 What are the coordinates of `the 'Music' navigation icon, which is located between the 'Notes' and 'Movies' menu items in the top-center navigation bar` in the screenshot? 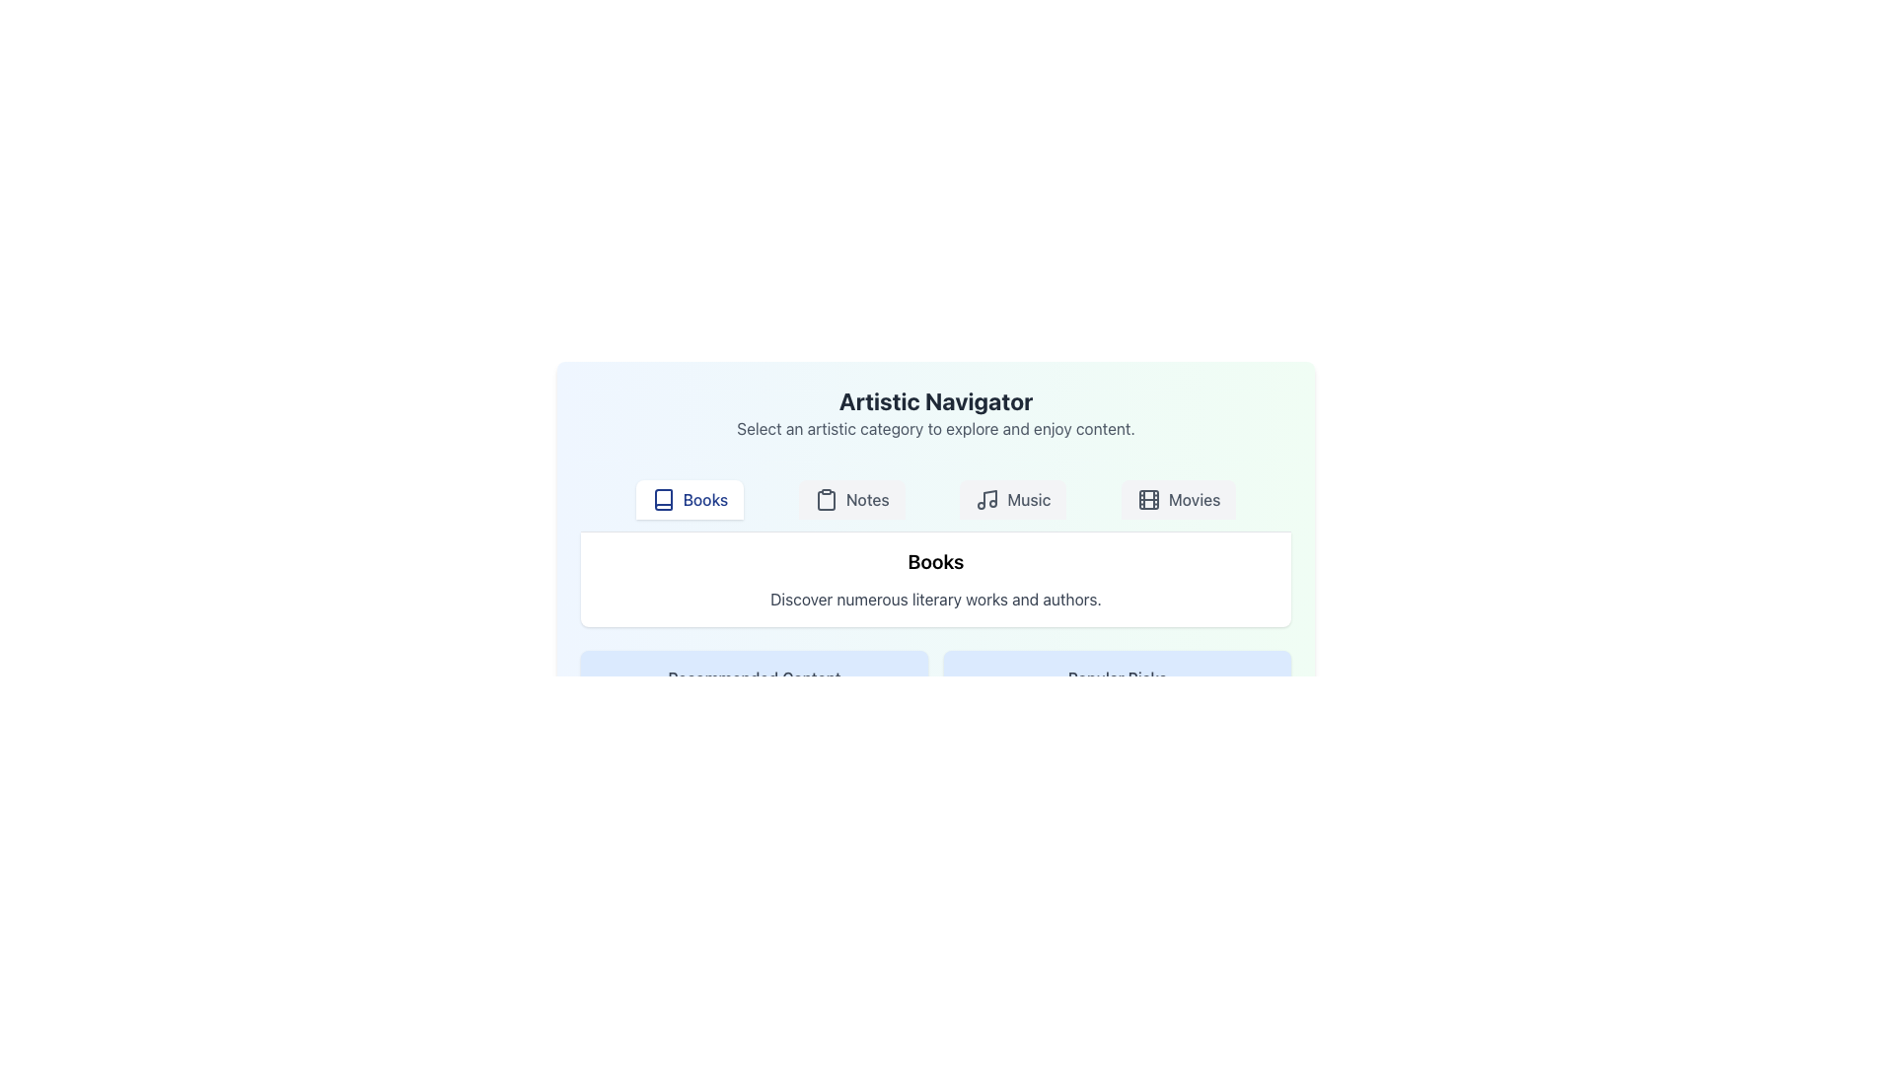 It's located at (987, 498).